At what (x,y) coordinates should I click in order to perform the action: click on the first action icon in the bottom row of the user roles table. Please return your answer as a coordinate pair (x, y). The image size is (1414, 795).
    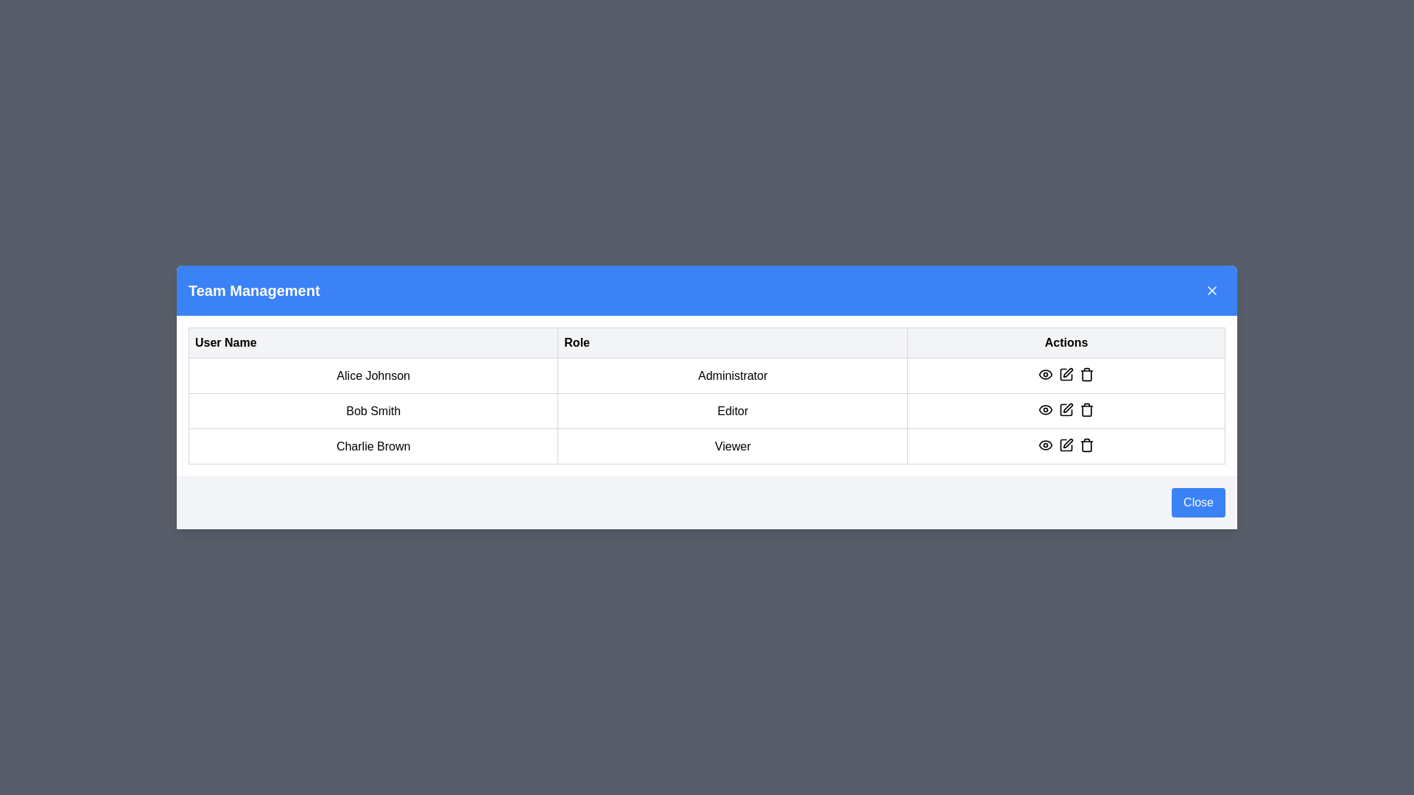
    Looking at the image, I should click on (1045, 445).